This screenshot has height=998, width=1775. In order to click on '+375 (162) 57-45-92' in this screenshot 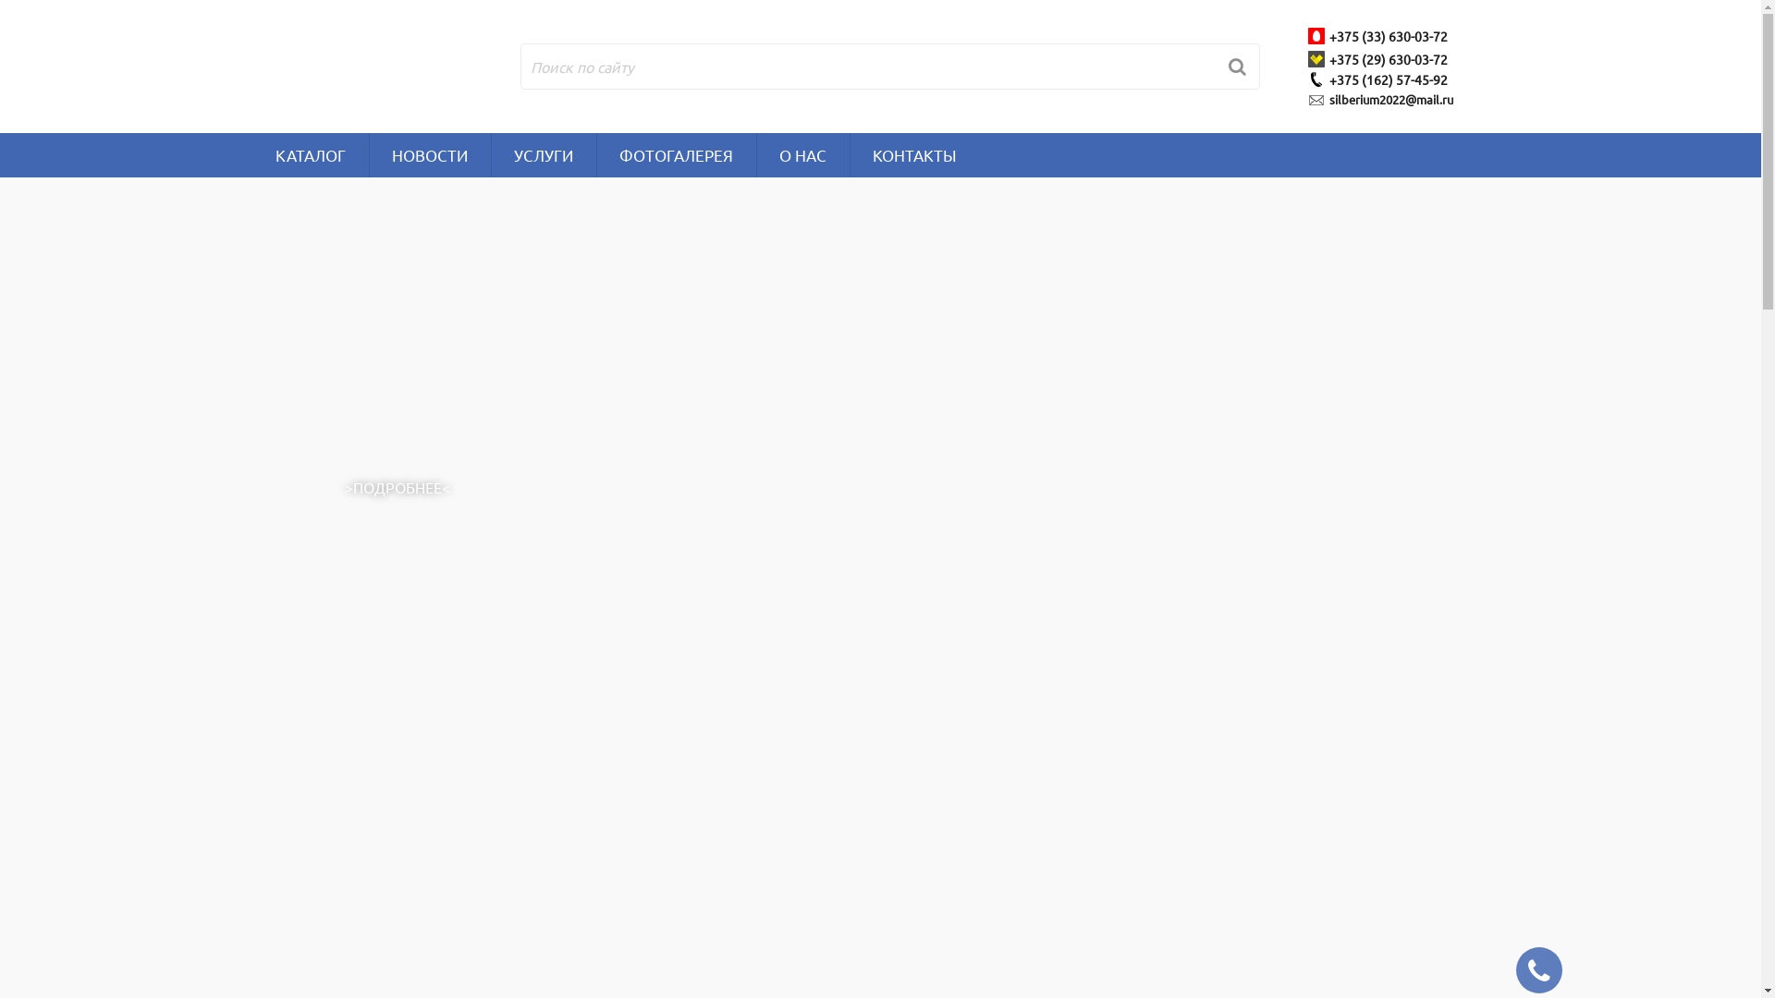, I will do `click(1390, 78)`.